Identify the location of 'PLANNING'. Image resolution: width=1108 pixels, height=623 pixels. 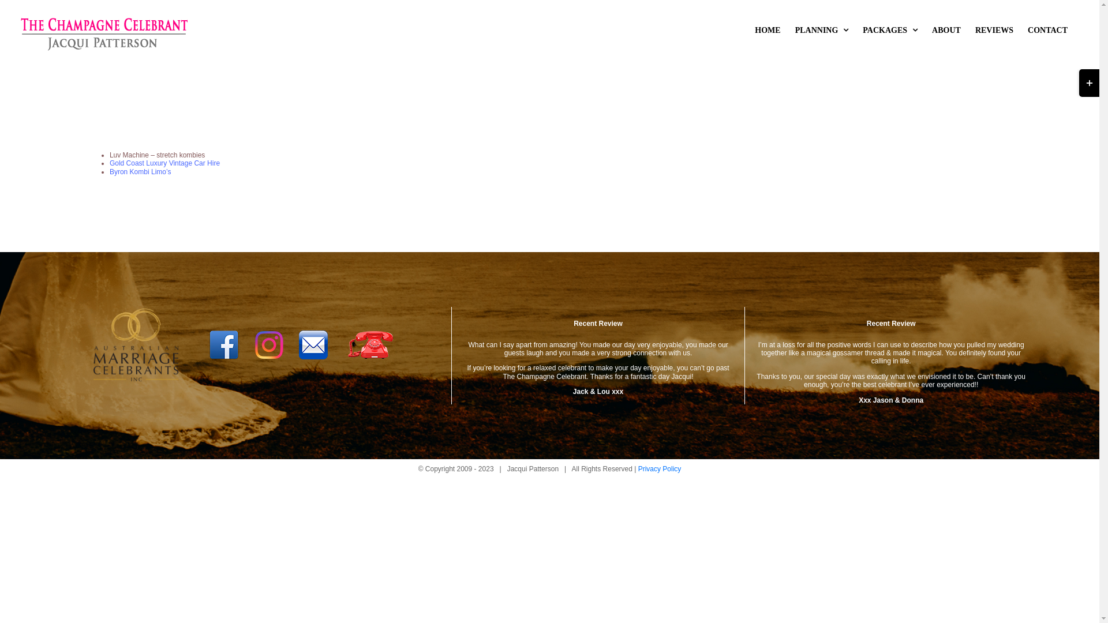
(821, 29).